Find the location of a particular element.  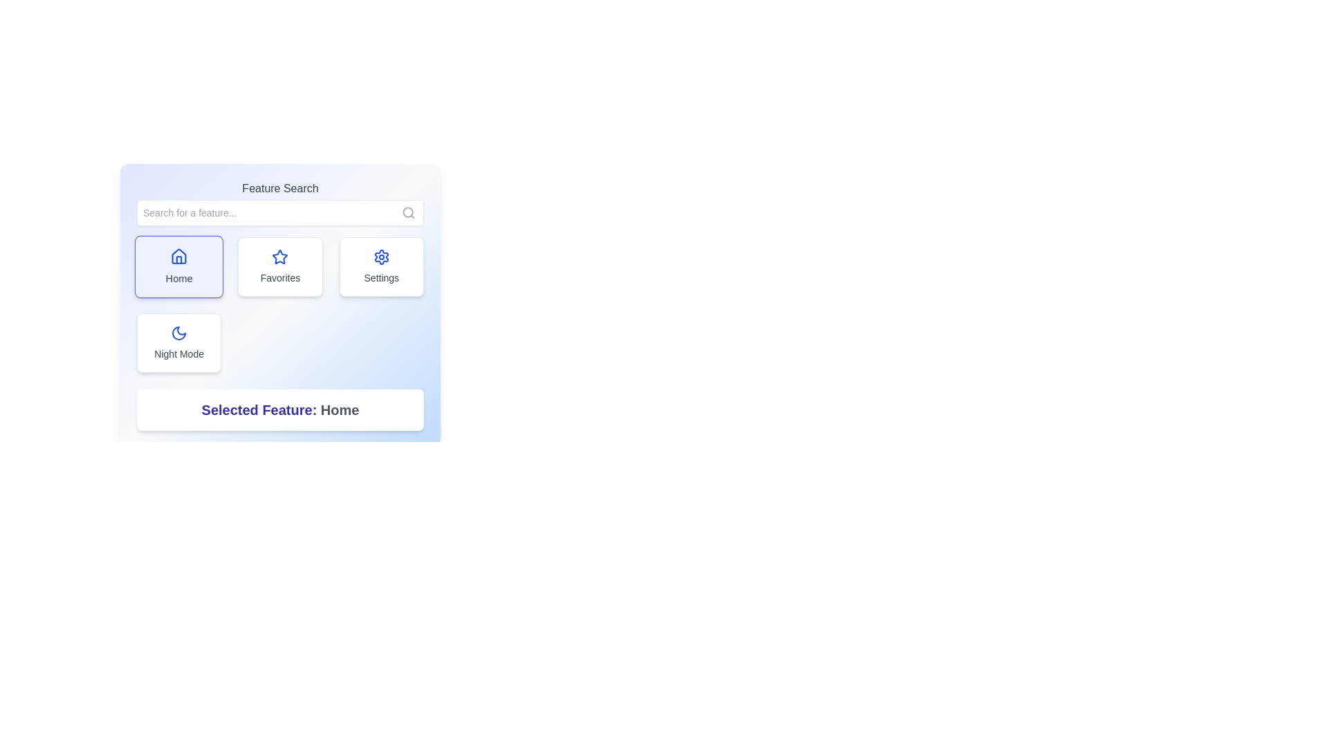

the 'Favorites' button which is centrally positioned in the middle row of a grid layout, between the 'Home' button and the 'Settings' button is located at coordinates (279, 266).